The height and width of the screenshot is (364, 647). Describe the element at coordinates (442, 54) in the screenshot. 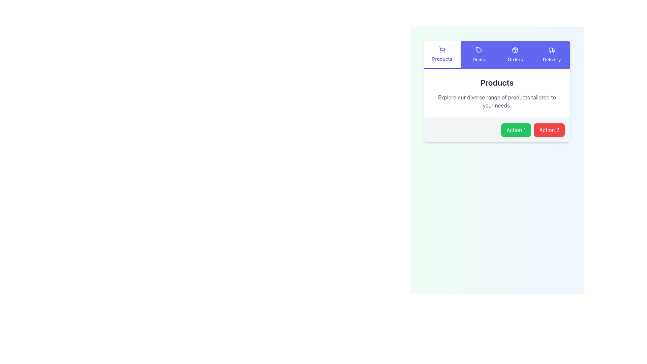

I see `the 'Products' button, which is the leftmost button in a row of four buttons at the top of the interface` at that location.